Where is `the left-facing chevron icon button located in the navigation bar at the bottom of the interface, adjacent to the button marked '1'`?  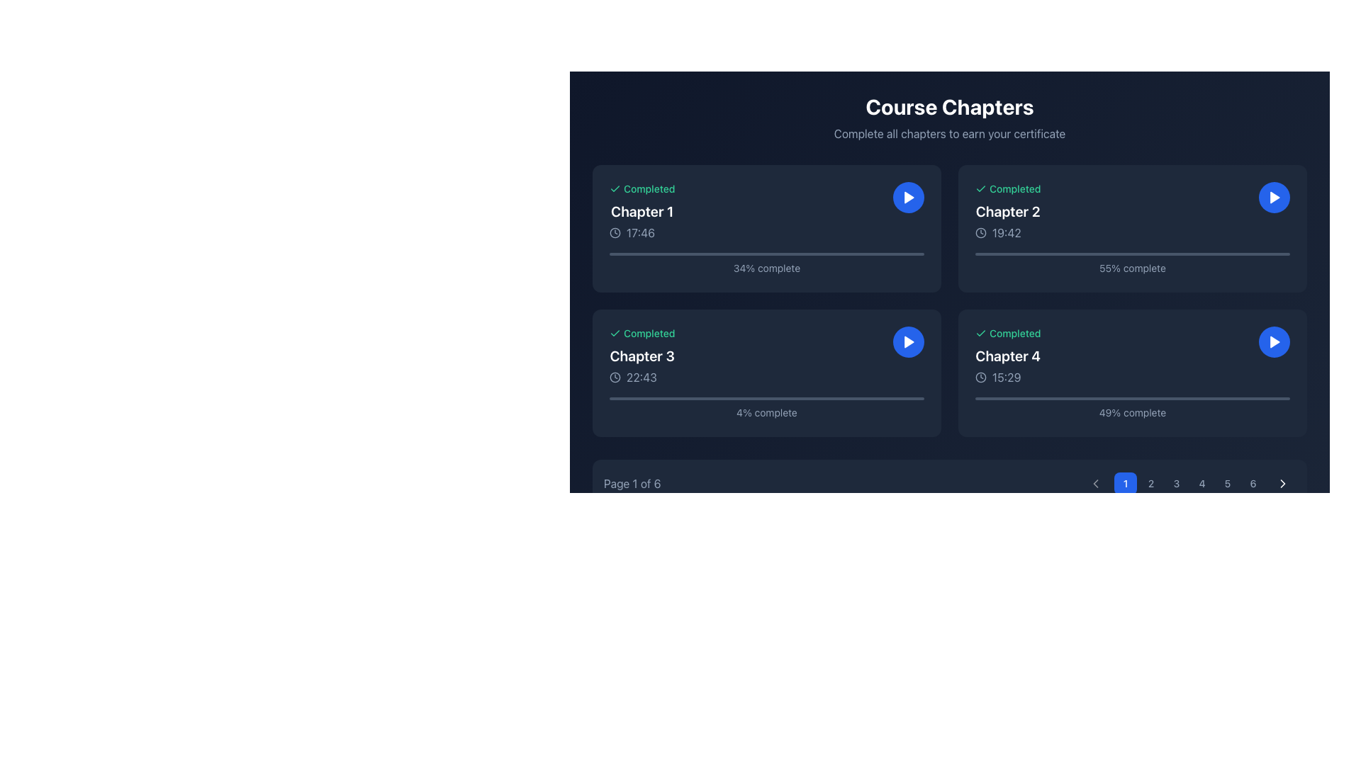
the left-facing chevron icon button located in the navigation bar at the bottom of the interface, adjacent to the button marked '1' is located at coordinates (1094, 482).